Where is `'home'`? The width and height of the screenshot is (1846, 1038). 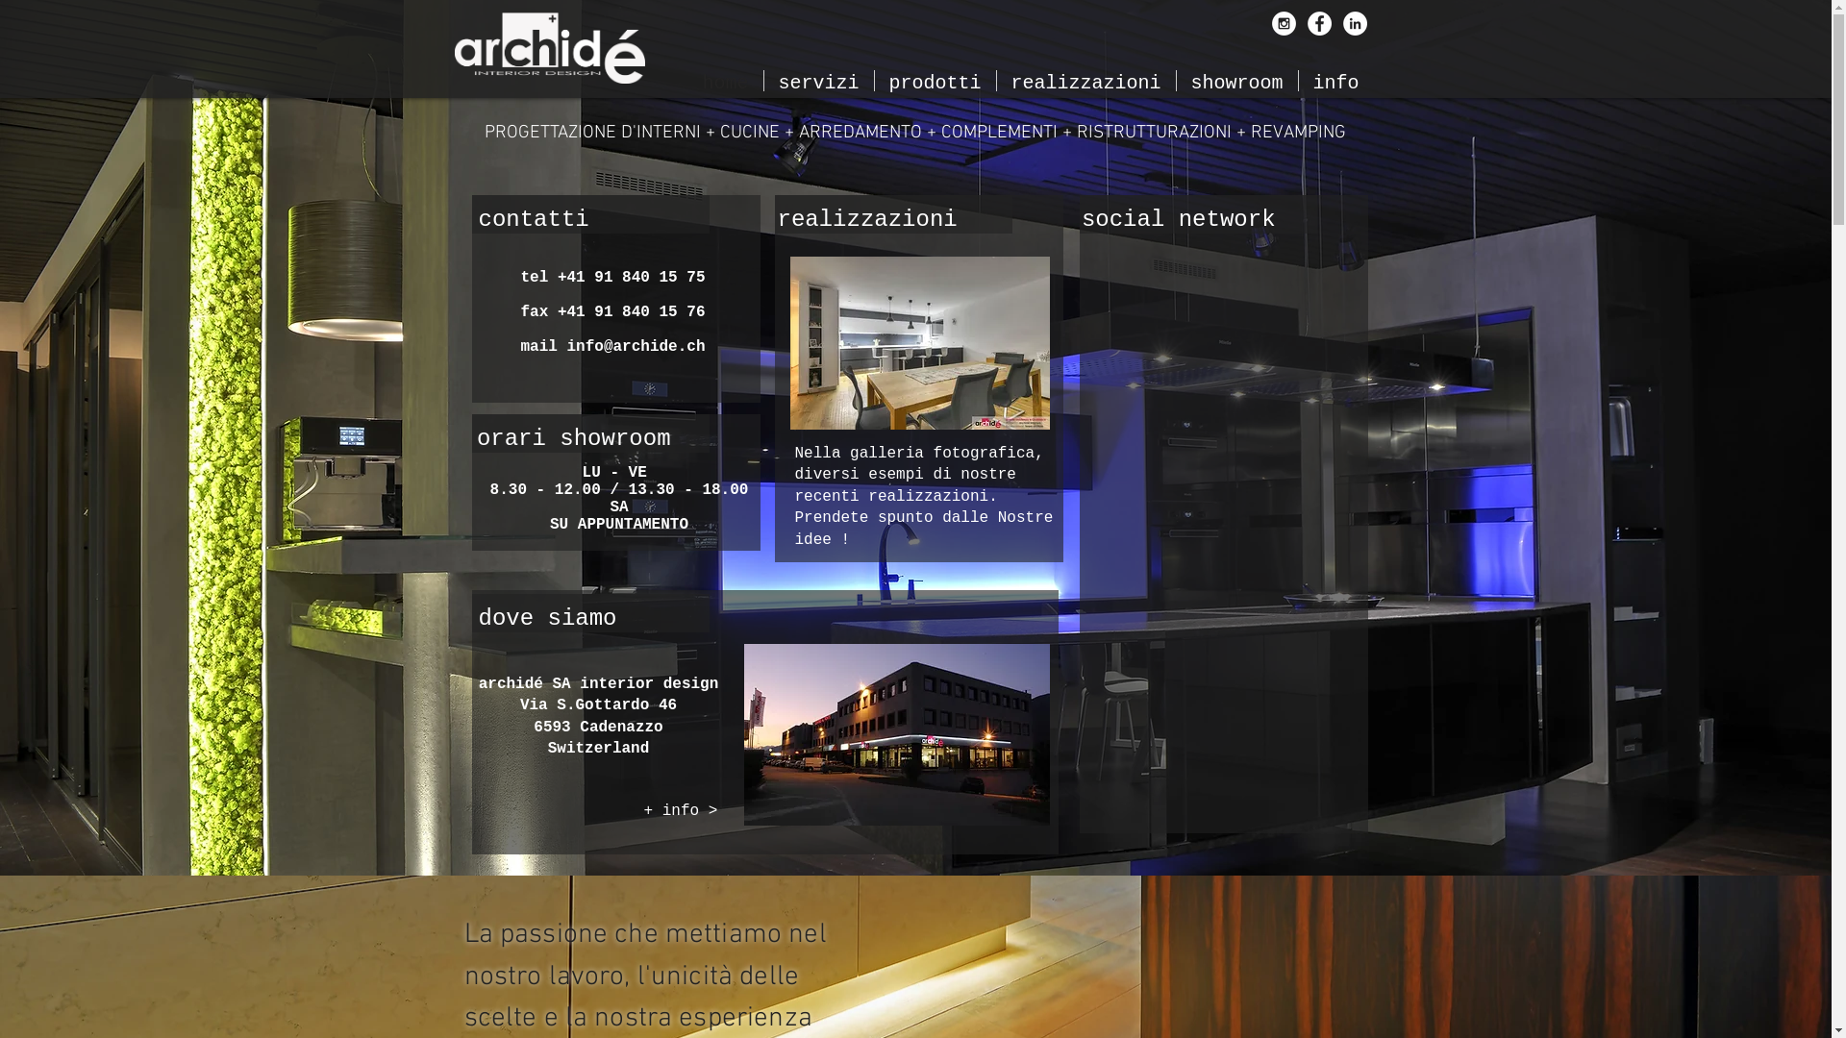 'home' is located at coordinates (724, 80).